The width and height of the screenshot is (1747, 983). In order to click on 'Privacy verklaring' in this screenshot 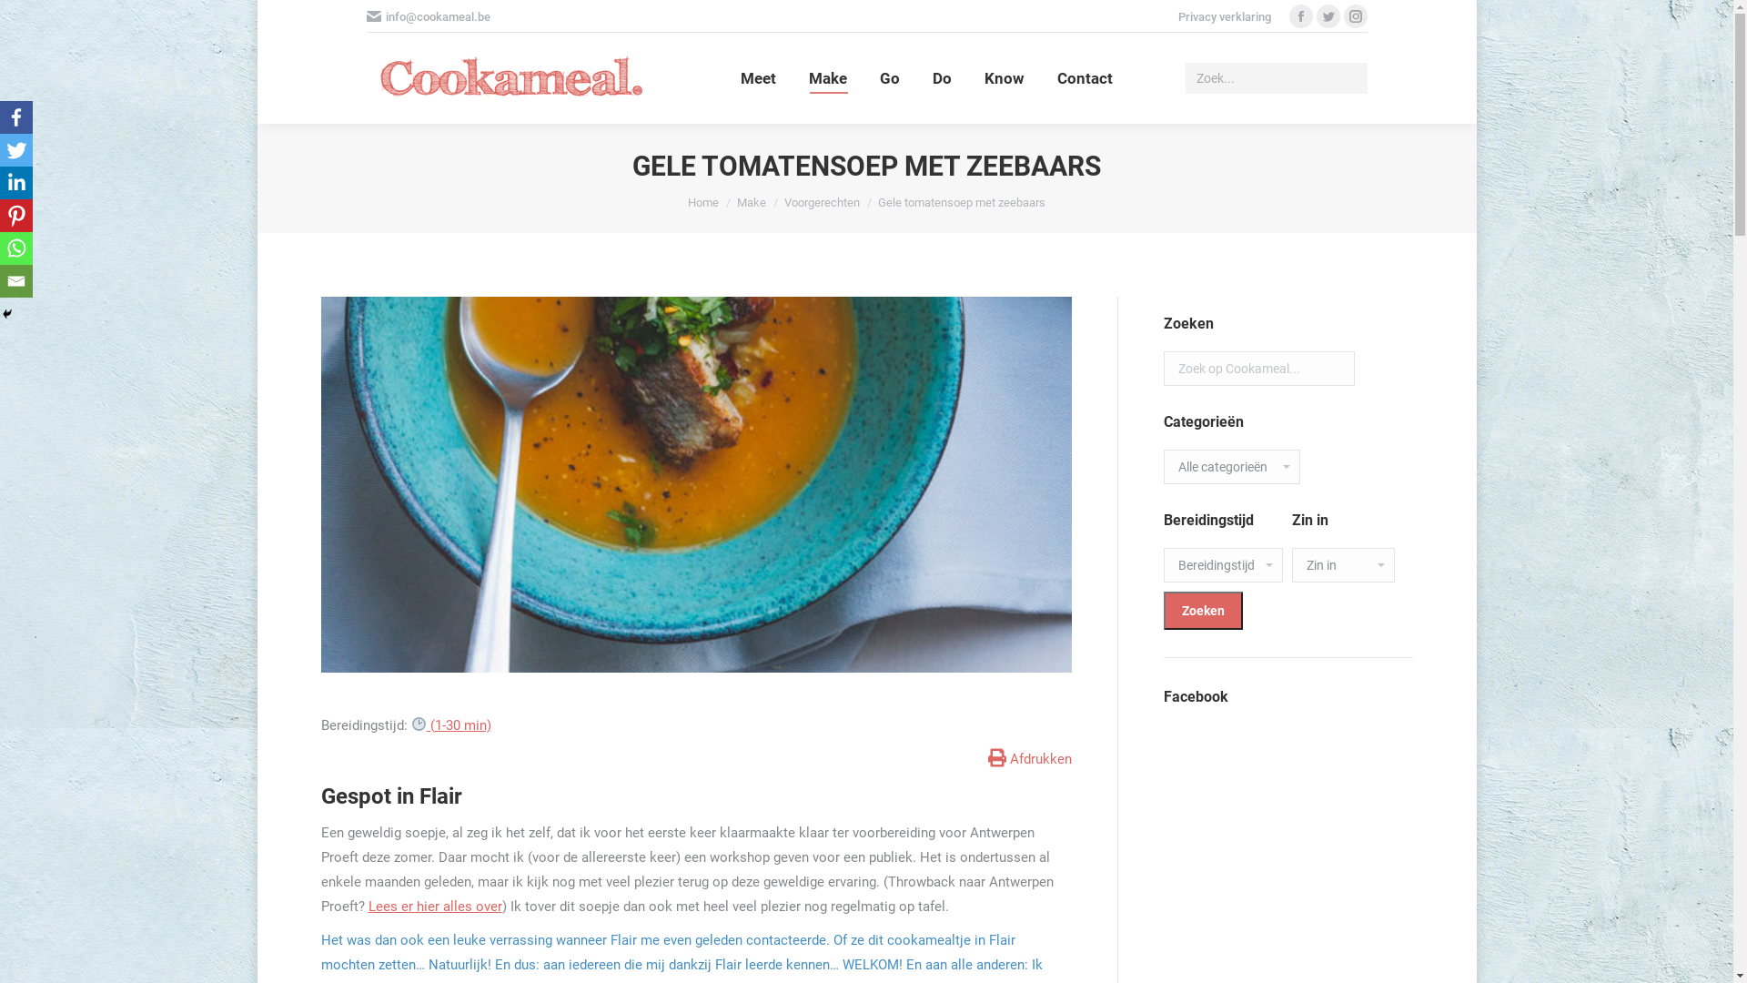, I will do `click(1223, 15)`.